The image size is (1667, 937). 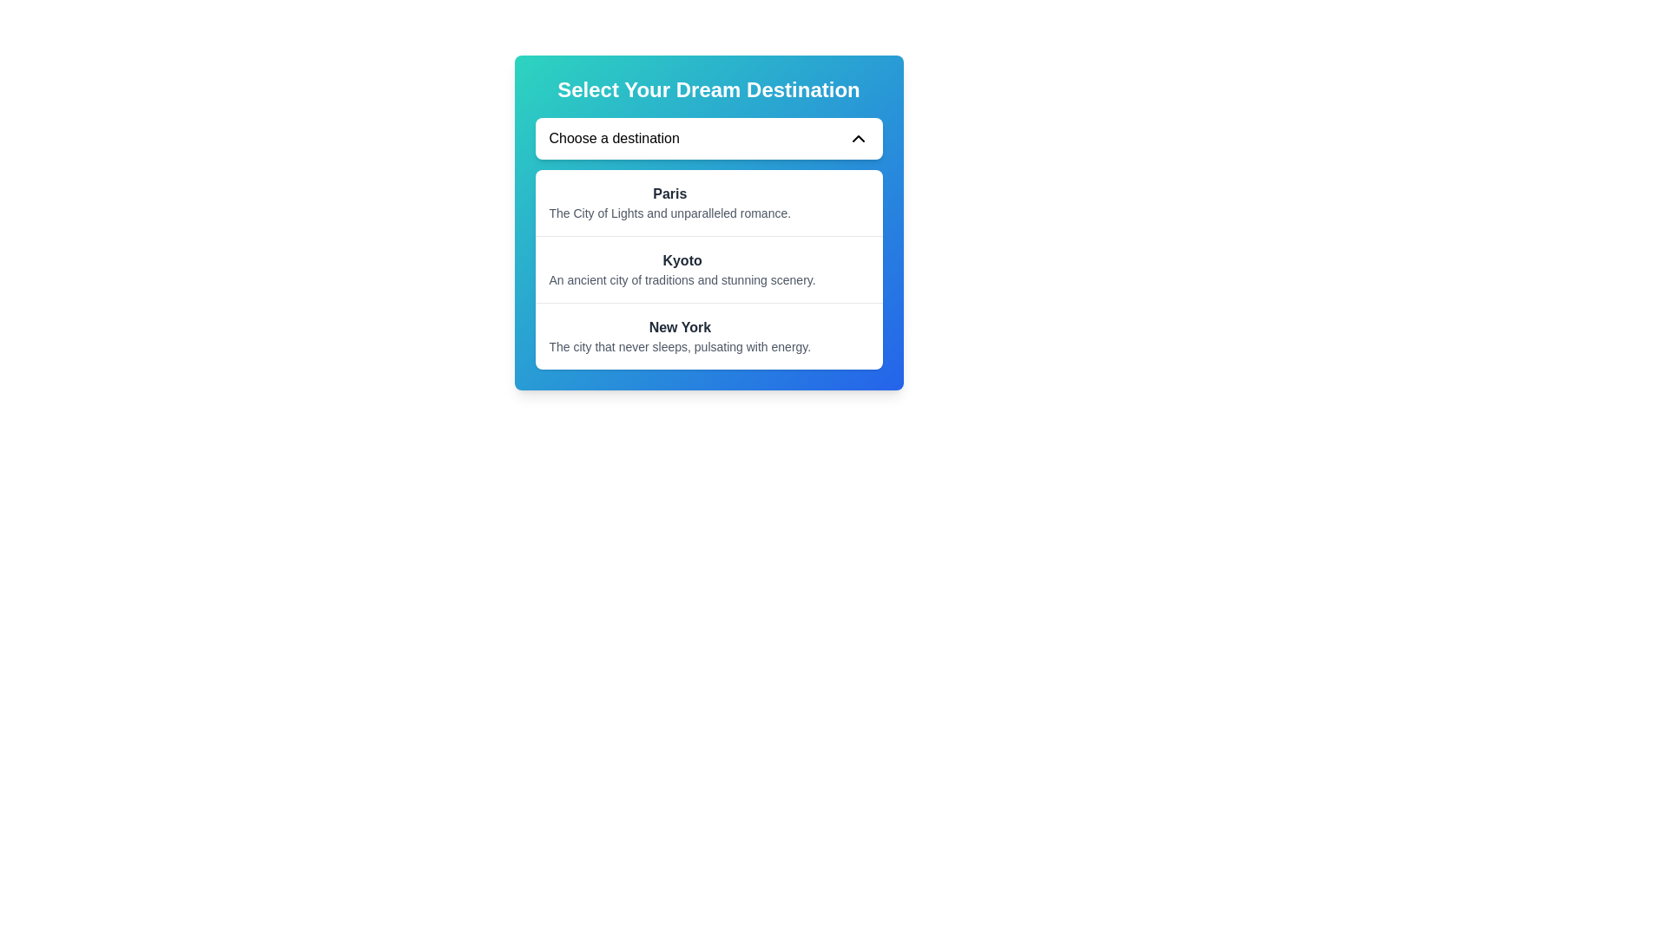 What do you see at coordinates (708, 269) in the screenshot?
I see `the second item in the dropdown menu that represents Kyoto` at bounding box center [708, 269].